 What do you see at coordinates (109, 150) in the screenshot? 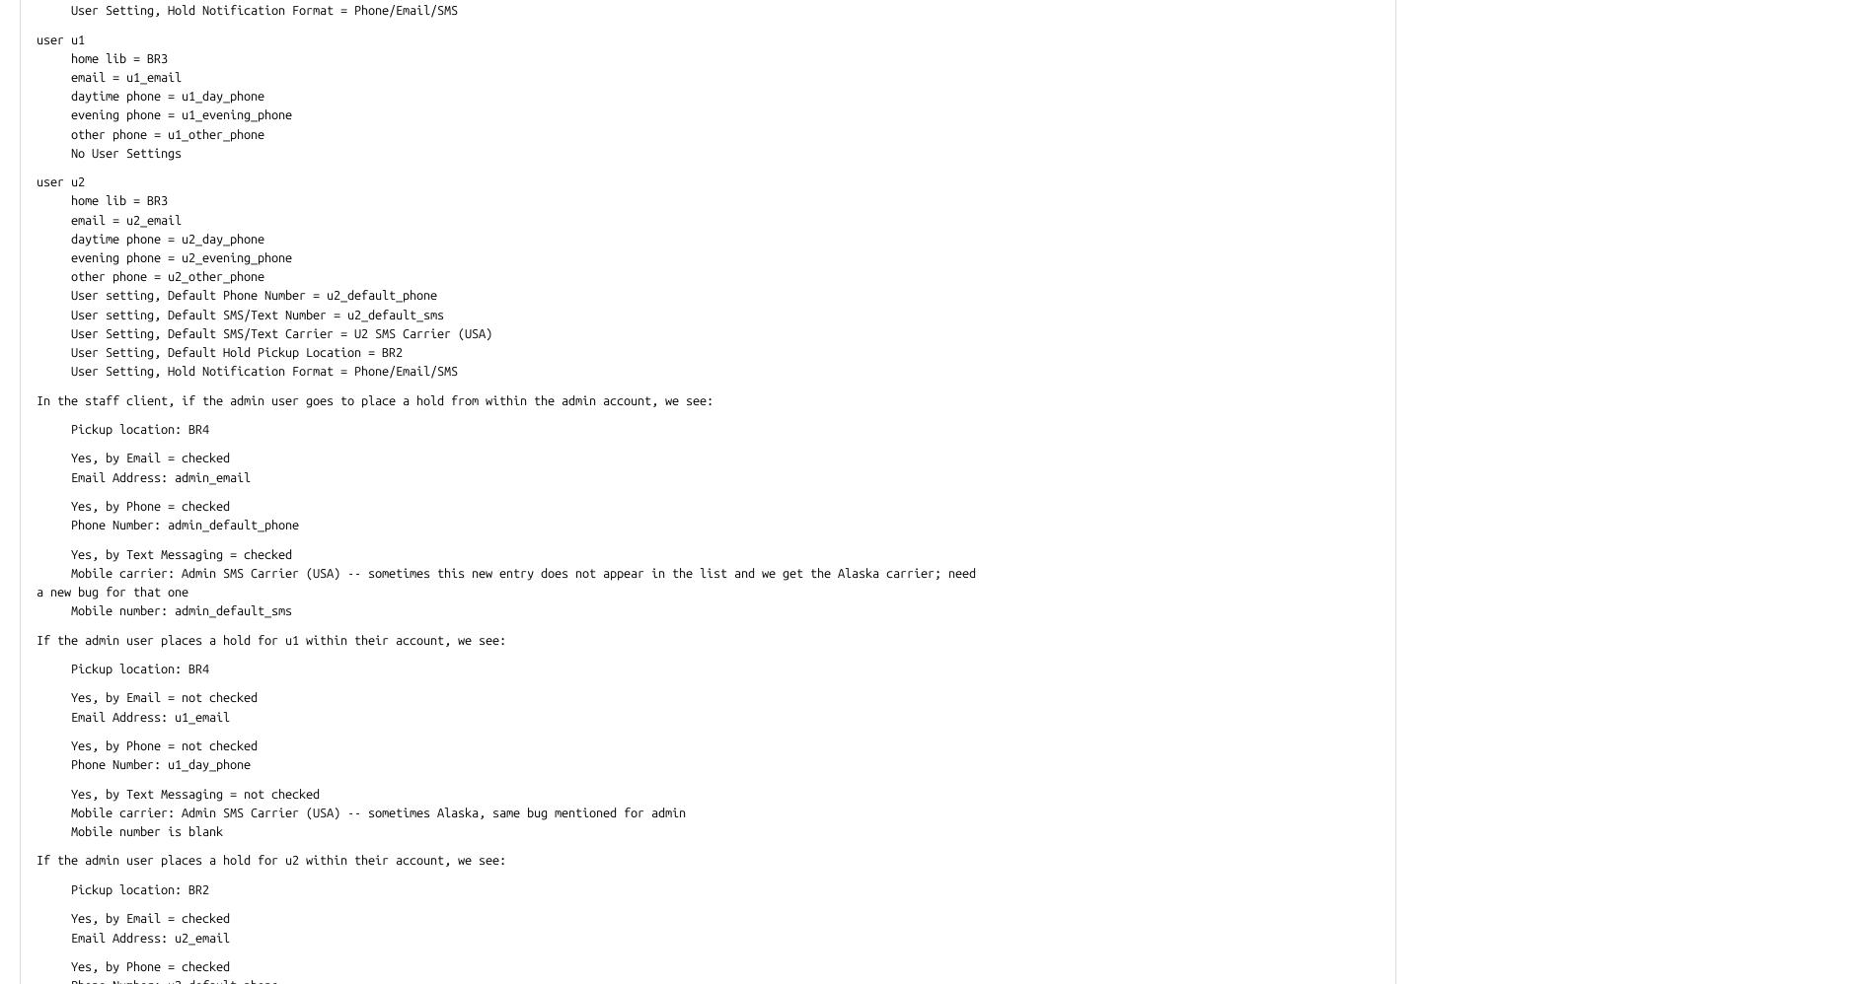
I see `'No User Settings'` at bounding box center [109, 150].